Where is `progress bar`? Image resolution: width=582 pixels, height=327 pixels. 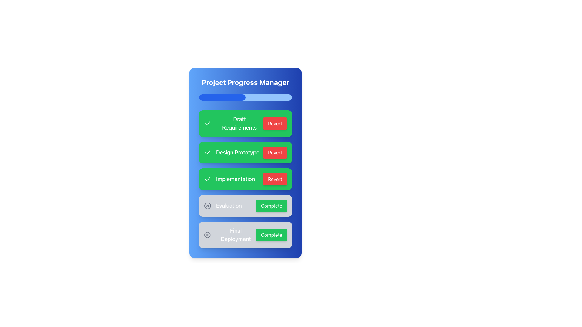 progress bar is located at coordinates (214, 97).